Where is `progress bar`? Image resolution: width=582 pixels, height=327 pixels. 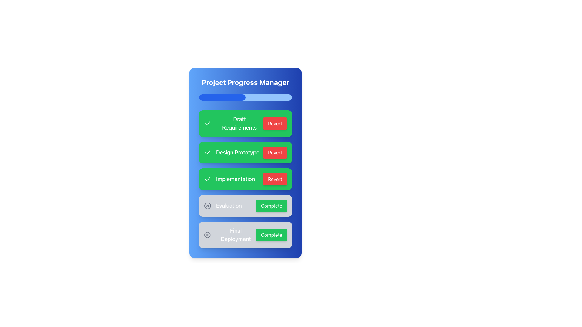 progress bar is located at coordinates (214, 97).